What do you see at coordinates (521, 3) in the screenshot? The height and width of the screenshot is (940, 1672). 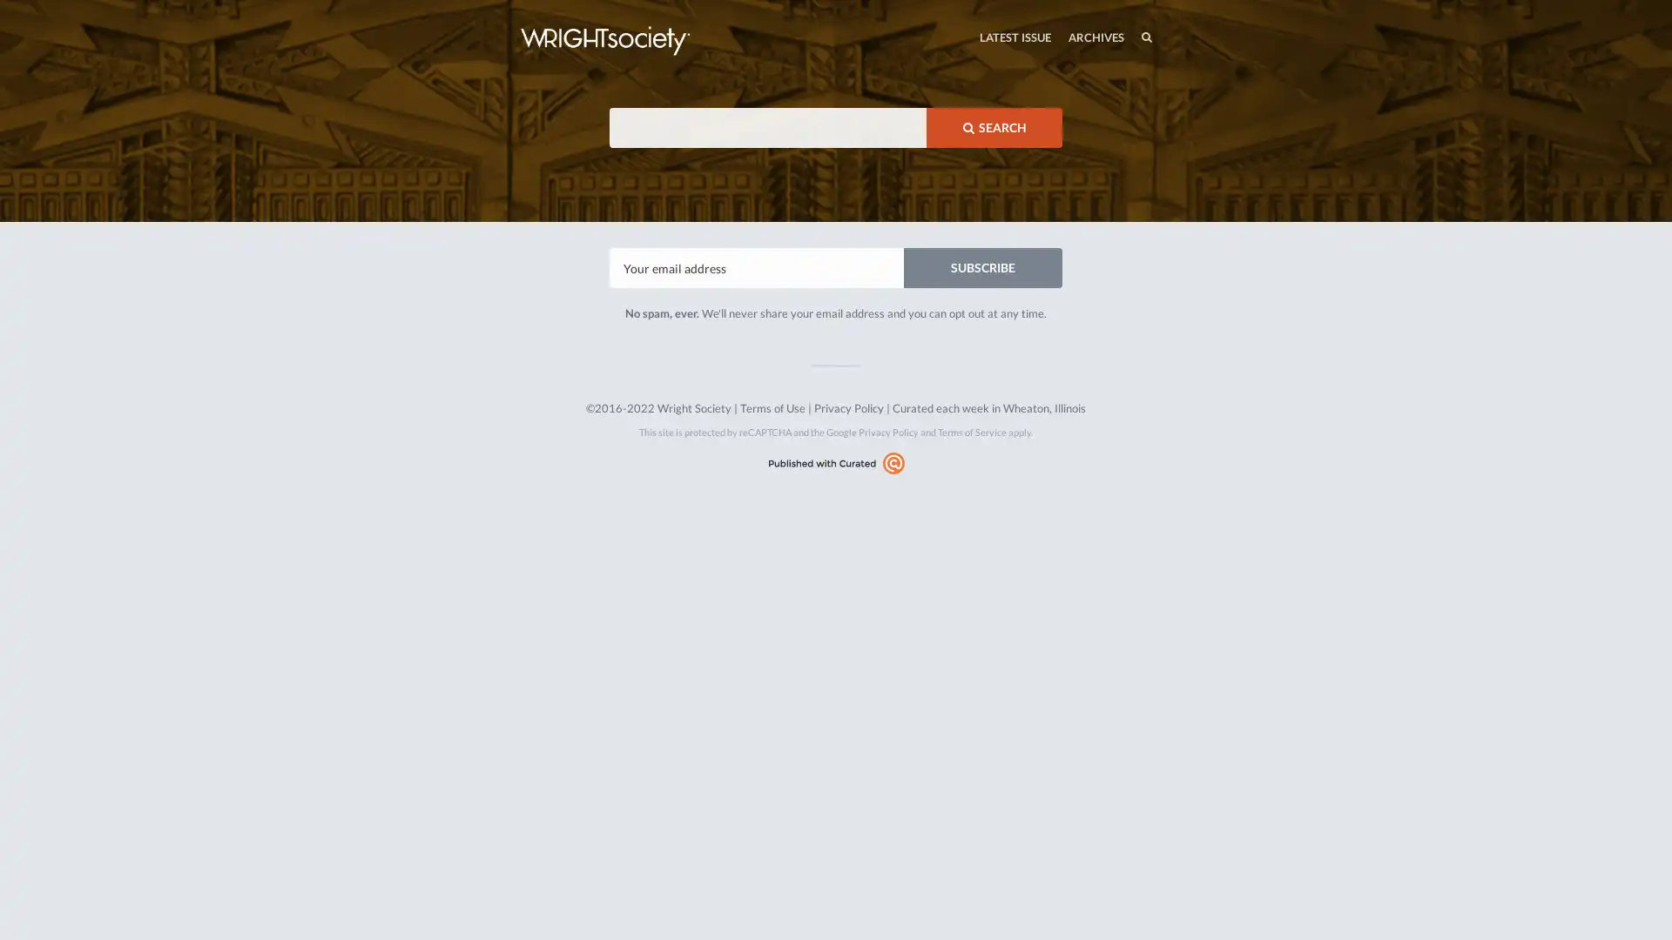 I see `TOGGLE MENU` at bounding box center [521, 3].